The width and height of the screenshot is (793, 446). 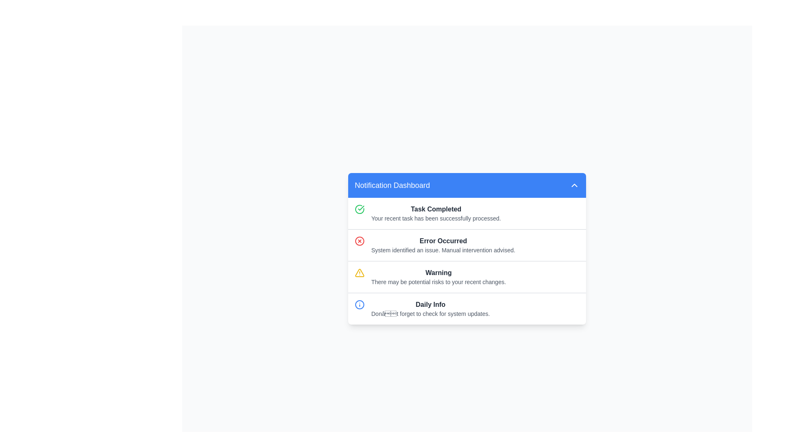 What do you see at coordinates (430, 304) in the screenshot?
I see `the text label that highlights the title or heading of the notification message, positioned prominently at the lower section of the list under the 'Warning' section` at bounding box center [430, 304].